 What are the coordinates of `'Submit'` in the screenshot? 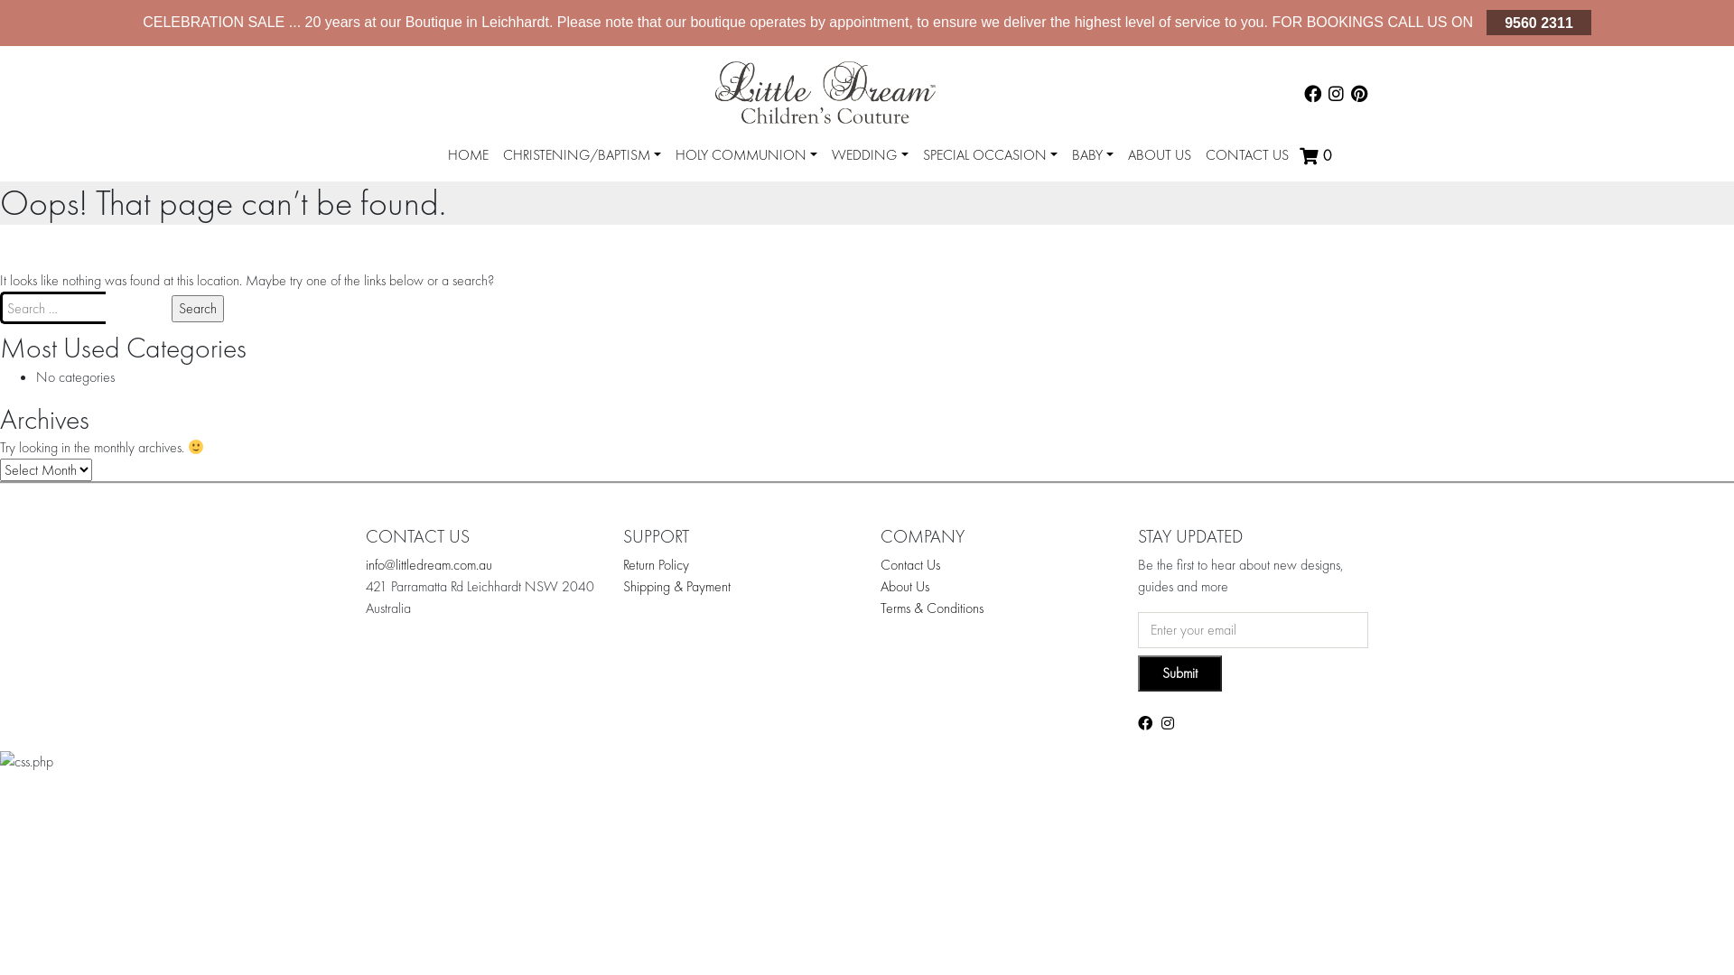 It's located at (1179, 673).